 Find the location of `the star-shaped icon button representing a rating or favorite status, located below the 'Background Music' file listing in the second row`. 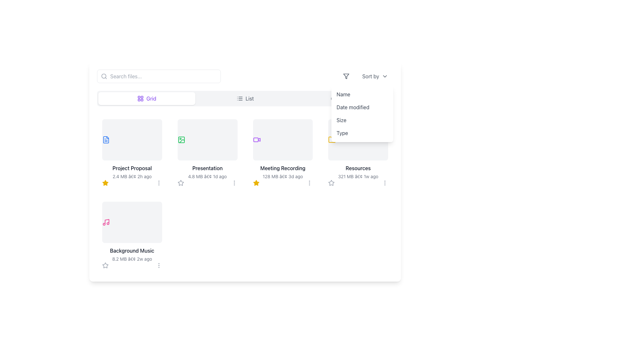

the star-shaped icon button representing a rating or favorite status, located below the 'Background Music' file listing in the second row is located at coordinates (105, 266).